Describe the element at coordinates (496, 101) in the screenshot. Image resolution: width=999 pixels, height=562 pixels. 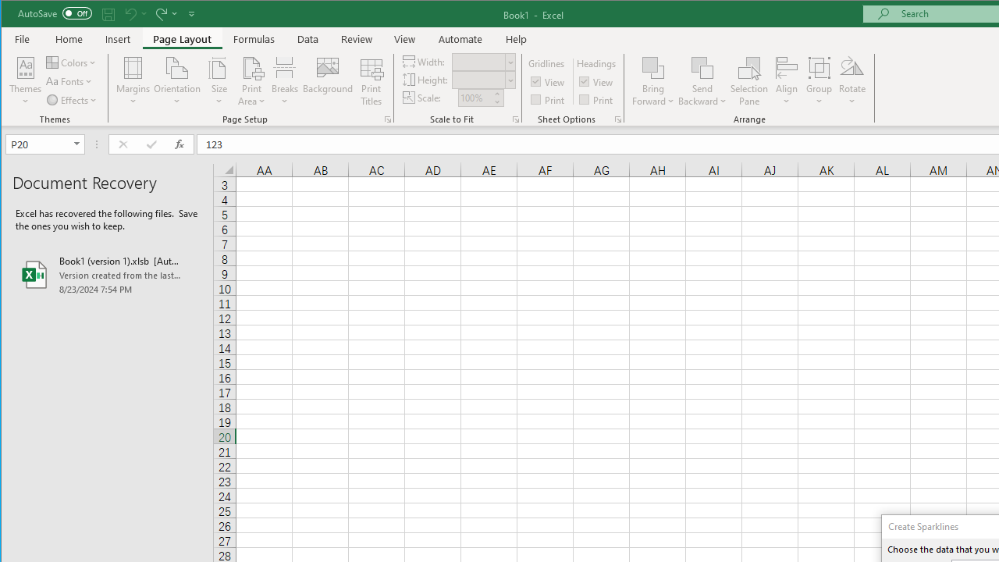
I see `'Less'` at that location.